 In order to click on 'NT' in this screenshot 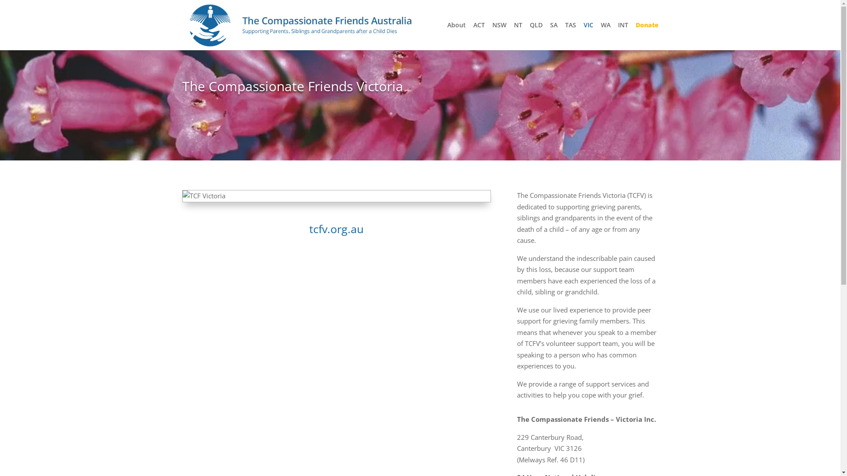, I will do `click(513, 35)`.